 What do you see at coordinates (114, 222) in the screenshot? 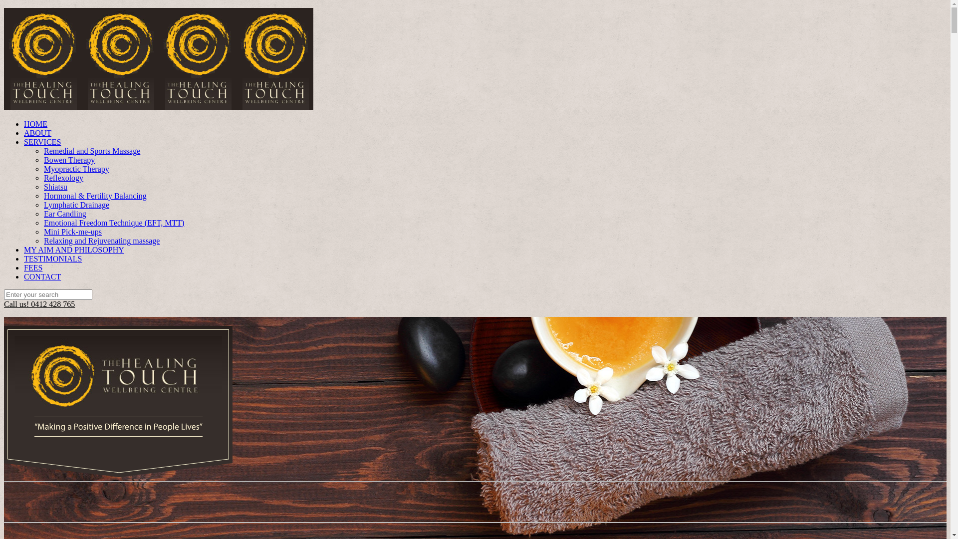
I see `'Emotional Freedom Technique (EFT, MTT)'` at bounding box center [114, 222].